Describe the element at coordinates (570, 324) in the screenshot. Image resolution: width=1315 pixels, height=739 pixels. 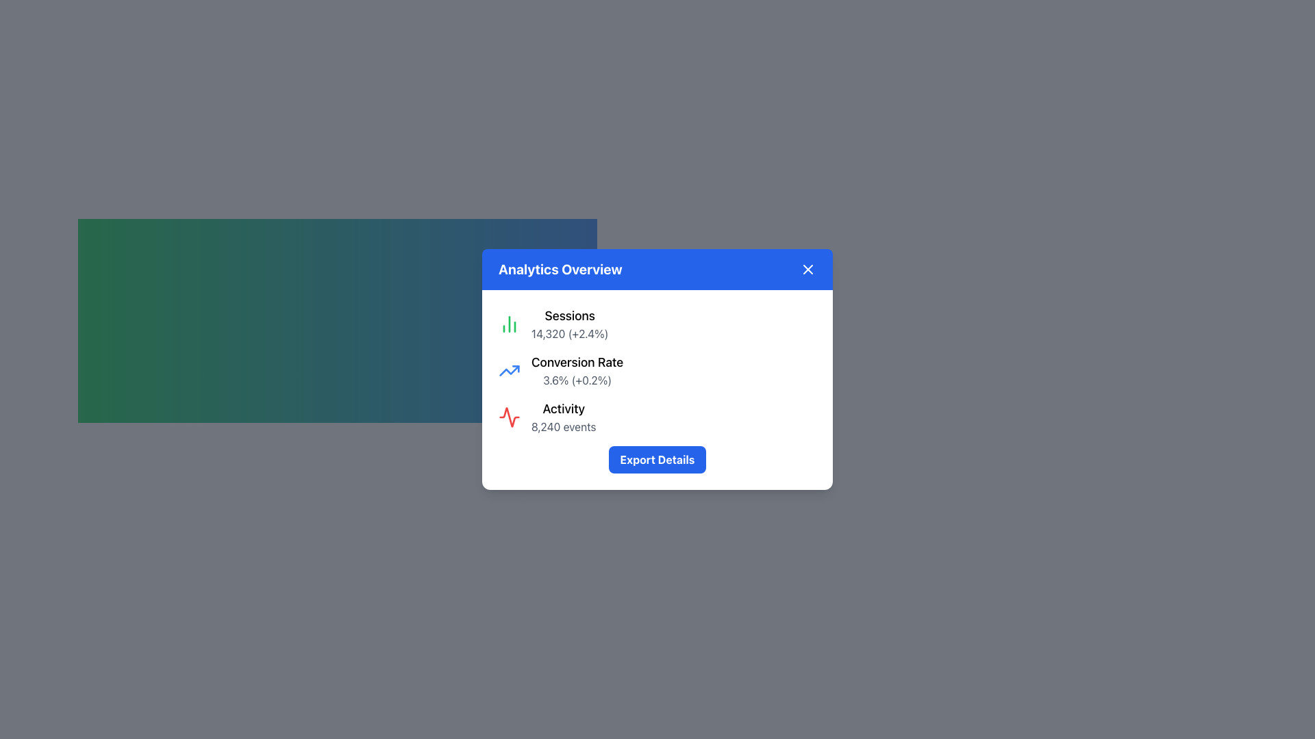
I see `the textual information block displaying the number of sessions and percentage change in the 'Analytics Overview' pop-up dialogue box` at that location.